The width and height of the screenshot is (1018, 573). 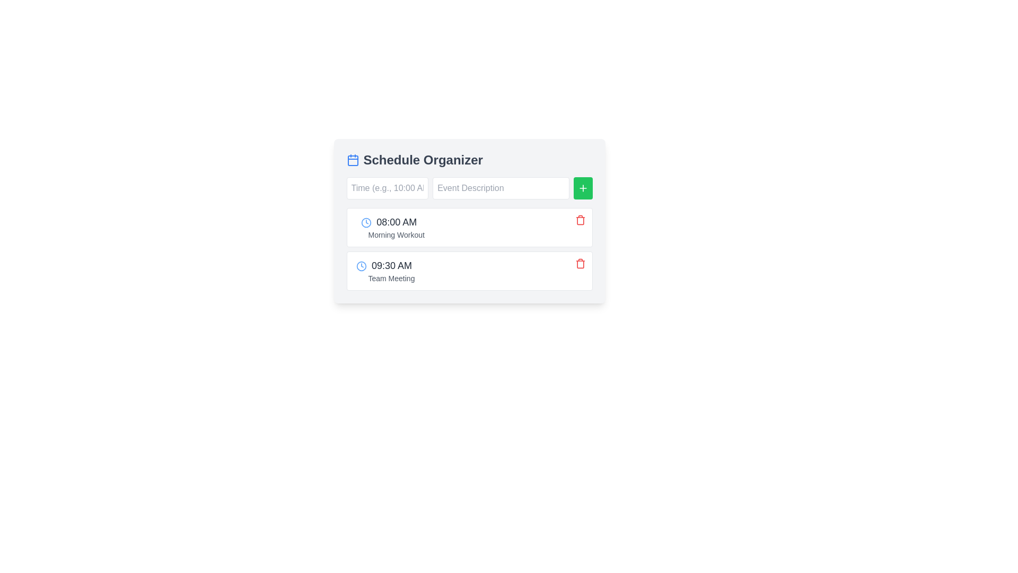 What do you see at coordinates (361, 266) in the screenshot?
I see `the circular blue clock icon located to the left of the time text '09:30 AM'` at bounding box center [361, 266].